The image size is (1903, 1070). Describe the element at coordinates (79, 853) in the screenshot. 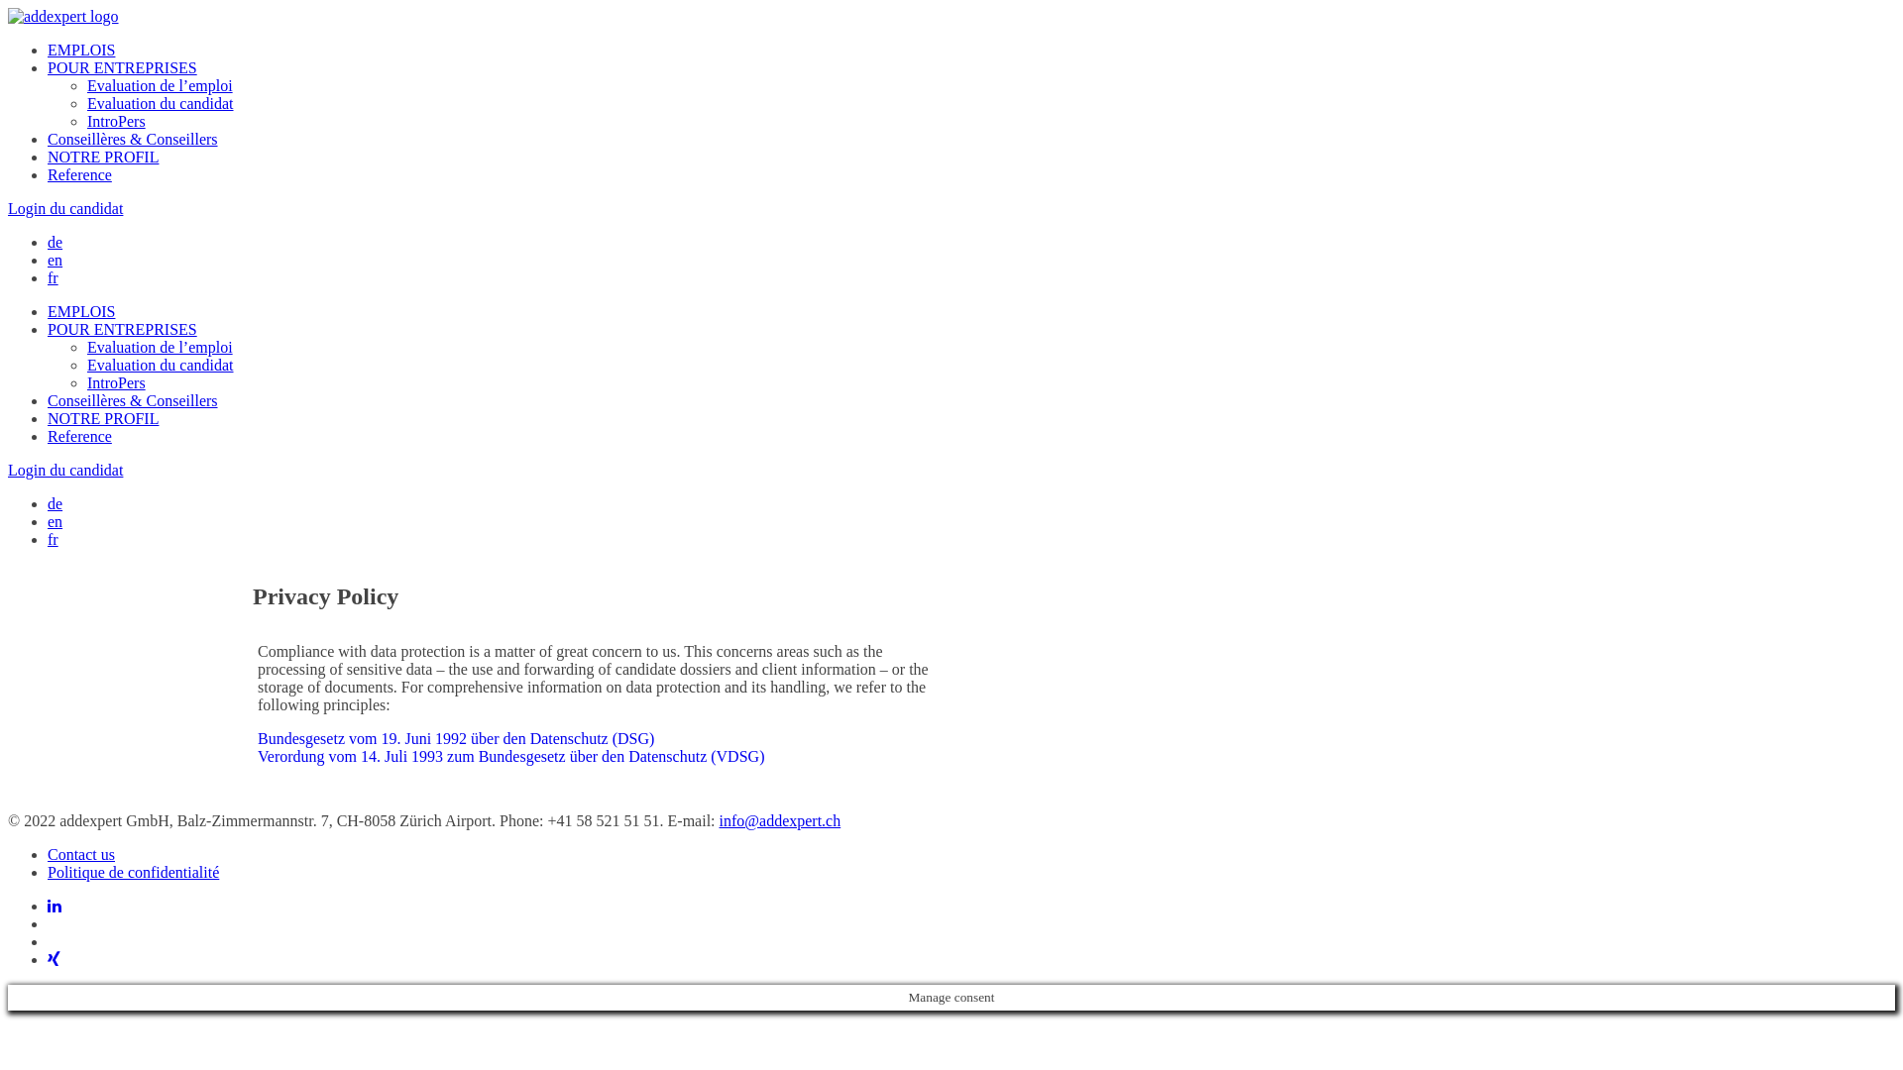

I see `'Contact us'` at that location.